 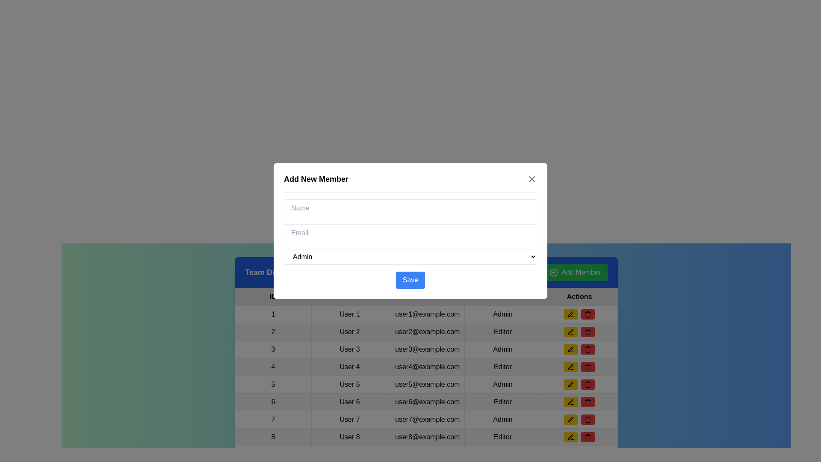 I want to click on the Text cell displaying 'Admin' in the fourth column of the third row of the table, so click(x=503, y=349).